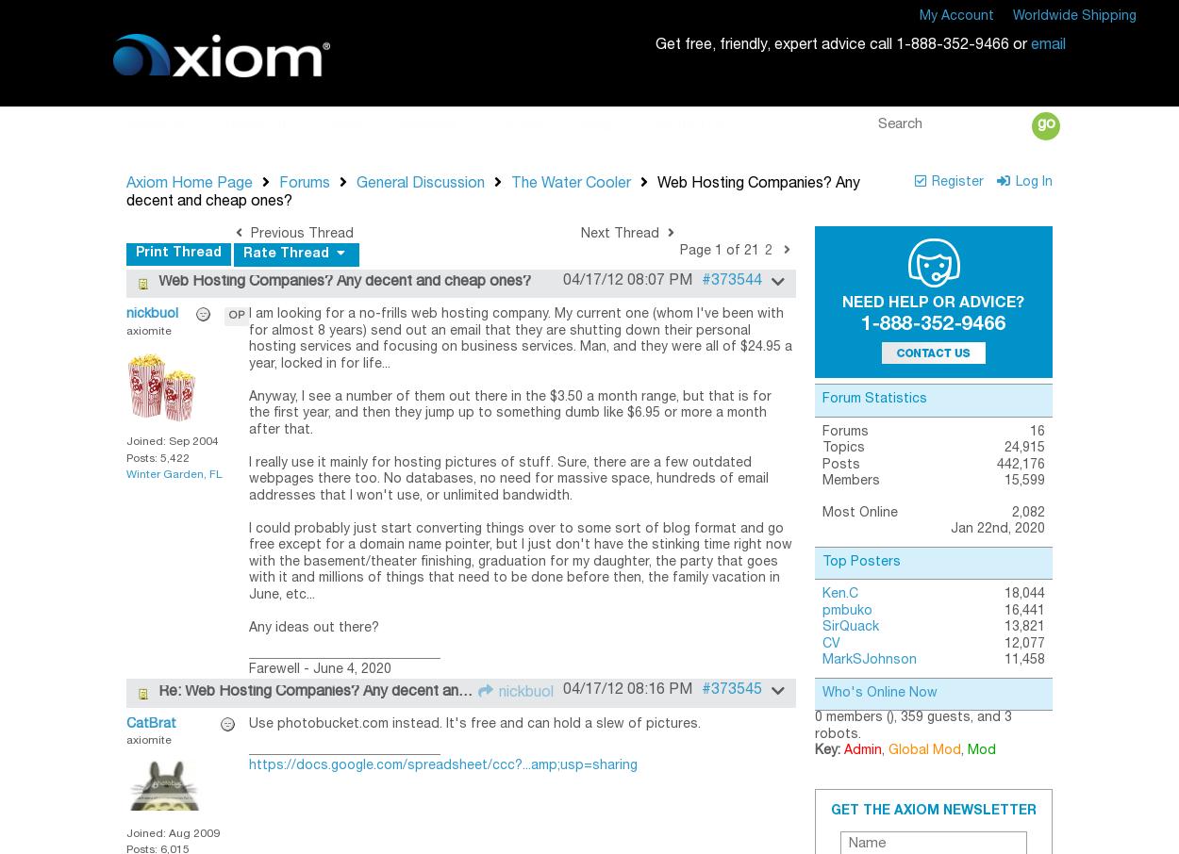 The height and width of the screenshot is (854, 1179). Describe the element at coordinates (158, 456) in the screenshot. I see `'Posts: 5,422'` at that location.